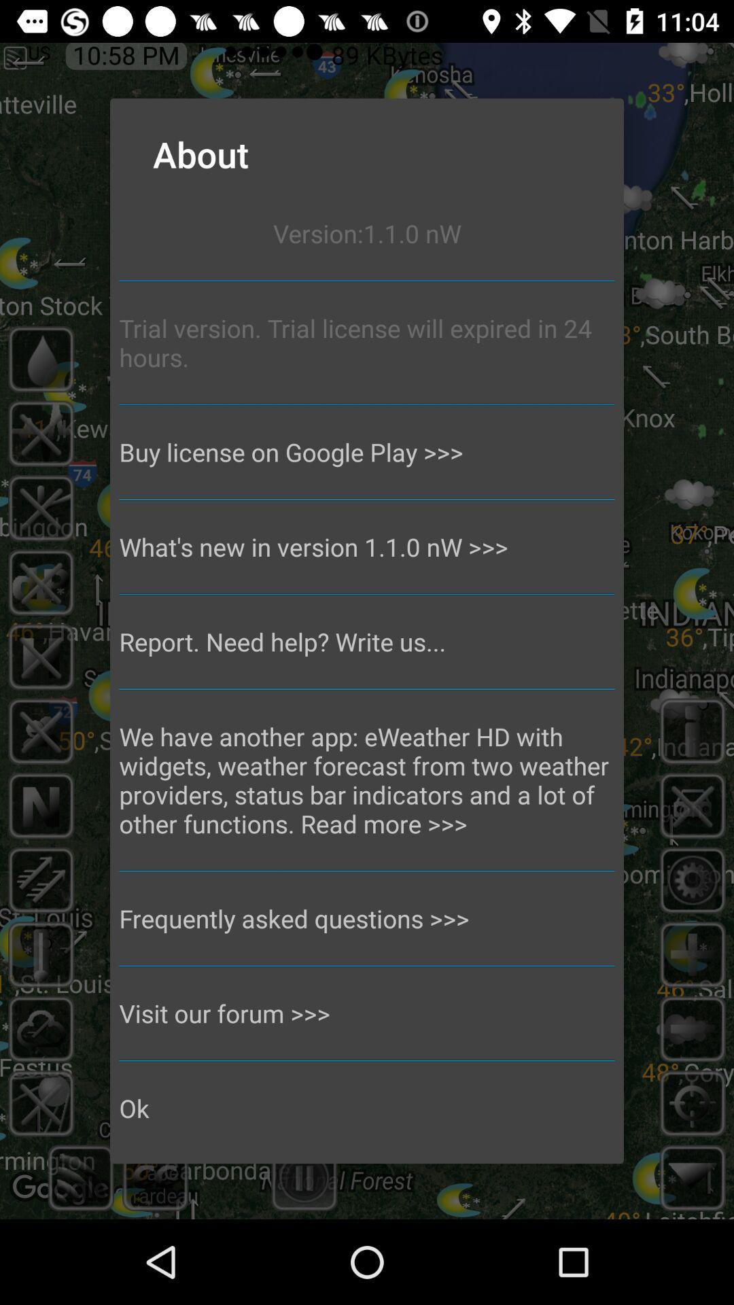 This screenshot has height=1305, width=734. I want to click on ok item, so click(367, 1108).